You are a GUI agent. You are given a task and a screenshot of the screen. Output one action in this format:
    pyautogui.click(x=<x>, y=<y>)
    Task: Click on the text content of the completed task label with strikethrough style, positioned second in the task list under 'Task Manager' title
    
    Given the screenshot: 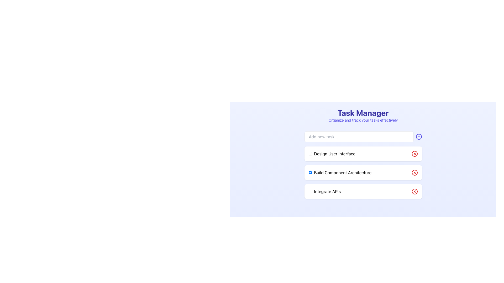 What is the action you would take?
    pyautogui.click(x=340, y=173)
    